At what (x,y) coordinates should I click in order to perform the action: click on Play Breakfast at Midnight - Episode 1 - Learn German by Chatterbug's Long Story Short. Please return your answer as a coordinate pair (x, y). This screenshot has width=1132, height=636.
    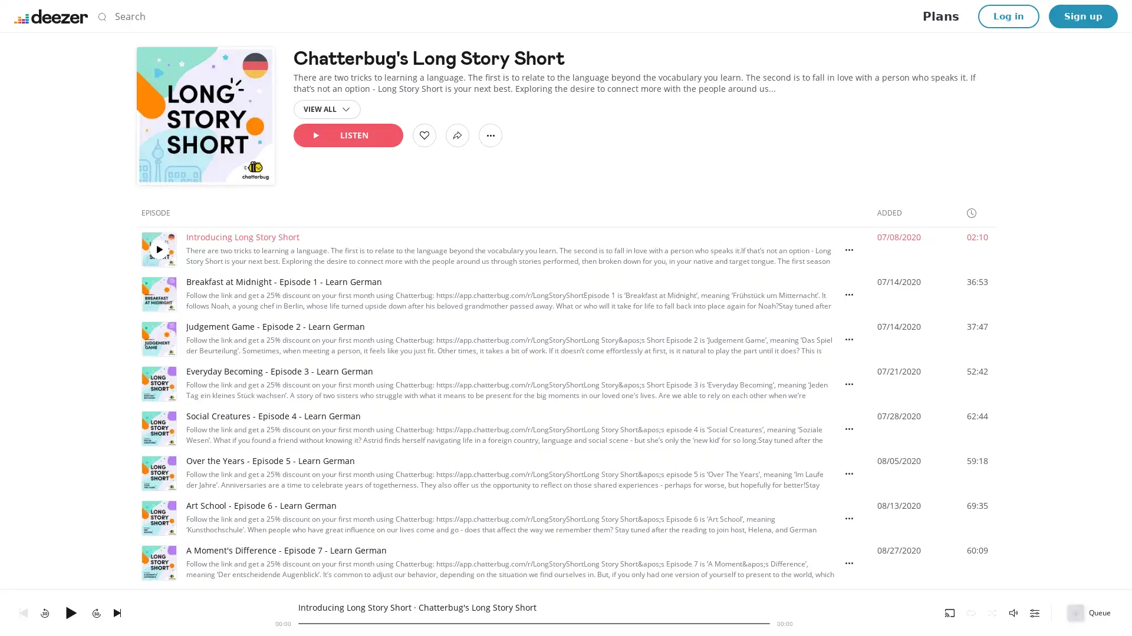
    Looking at the image, I should click on (158, 294).